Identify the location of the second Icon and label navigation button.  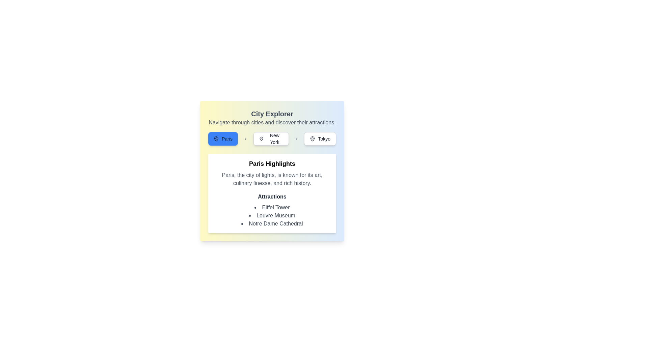
(261, 139).